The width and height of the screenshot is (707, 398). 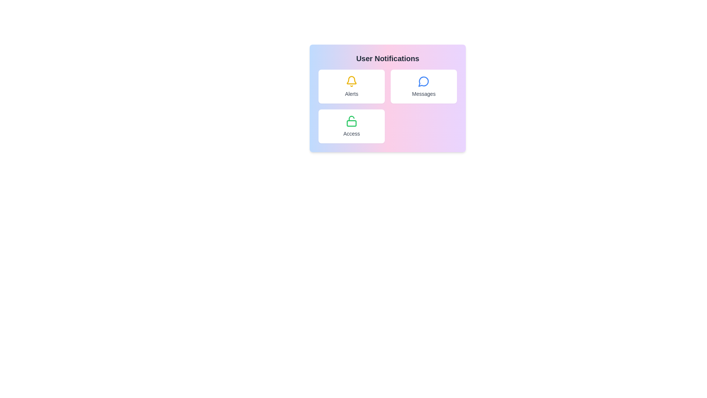 What do you see at coordinates (351, 93) in the screenshot?
I see `the text label displaying 'Alerts', which is located at the bottom of the 'Alerts' notification card in the 'User Notifications' section` at bounding box center [351, 93].